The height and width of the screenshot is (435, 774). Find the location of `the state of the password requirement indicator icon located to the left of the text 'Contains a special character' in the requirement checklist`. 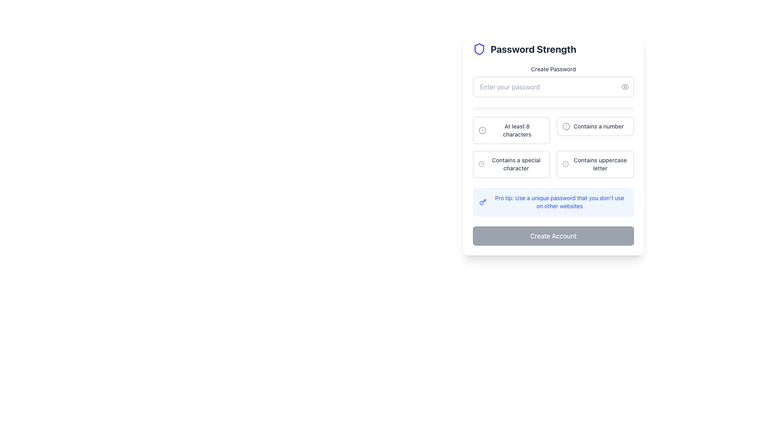

the state of the password requirement indicator icon located to the left of the text 'Contains a special character' in the requirement checklist is located at coordinates (481, 164).